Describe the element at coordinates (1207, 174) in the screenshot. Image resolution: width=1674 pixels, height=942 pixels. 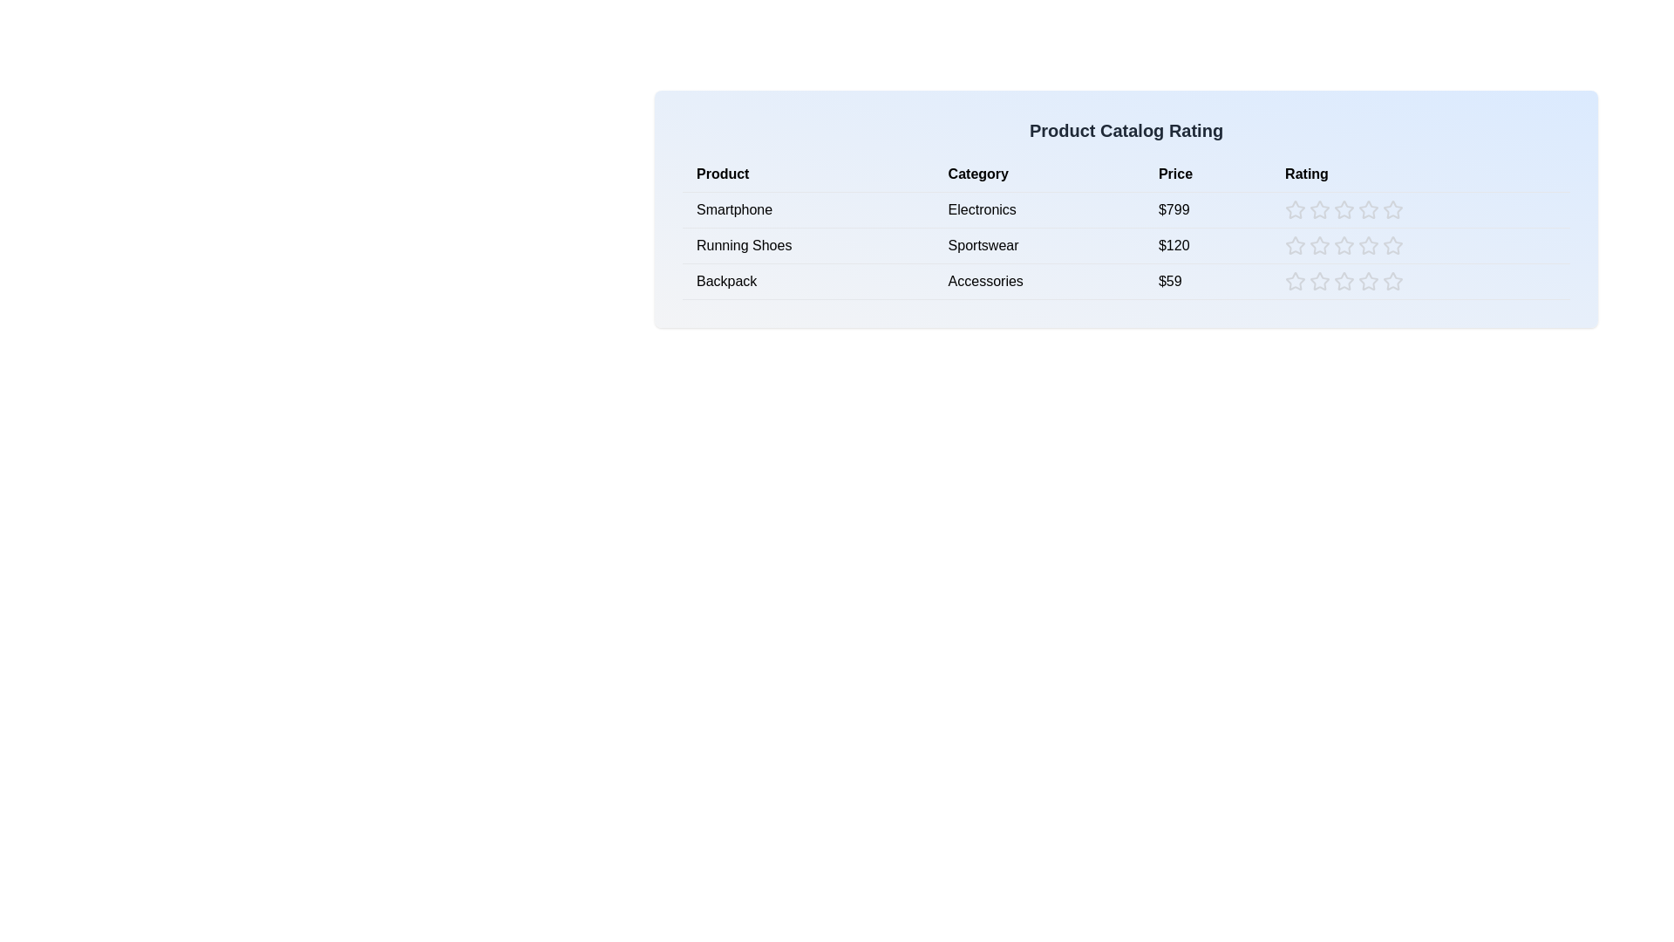
I see `the Price column header to sort the table by that column` at that location.